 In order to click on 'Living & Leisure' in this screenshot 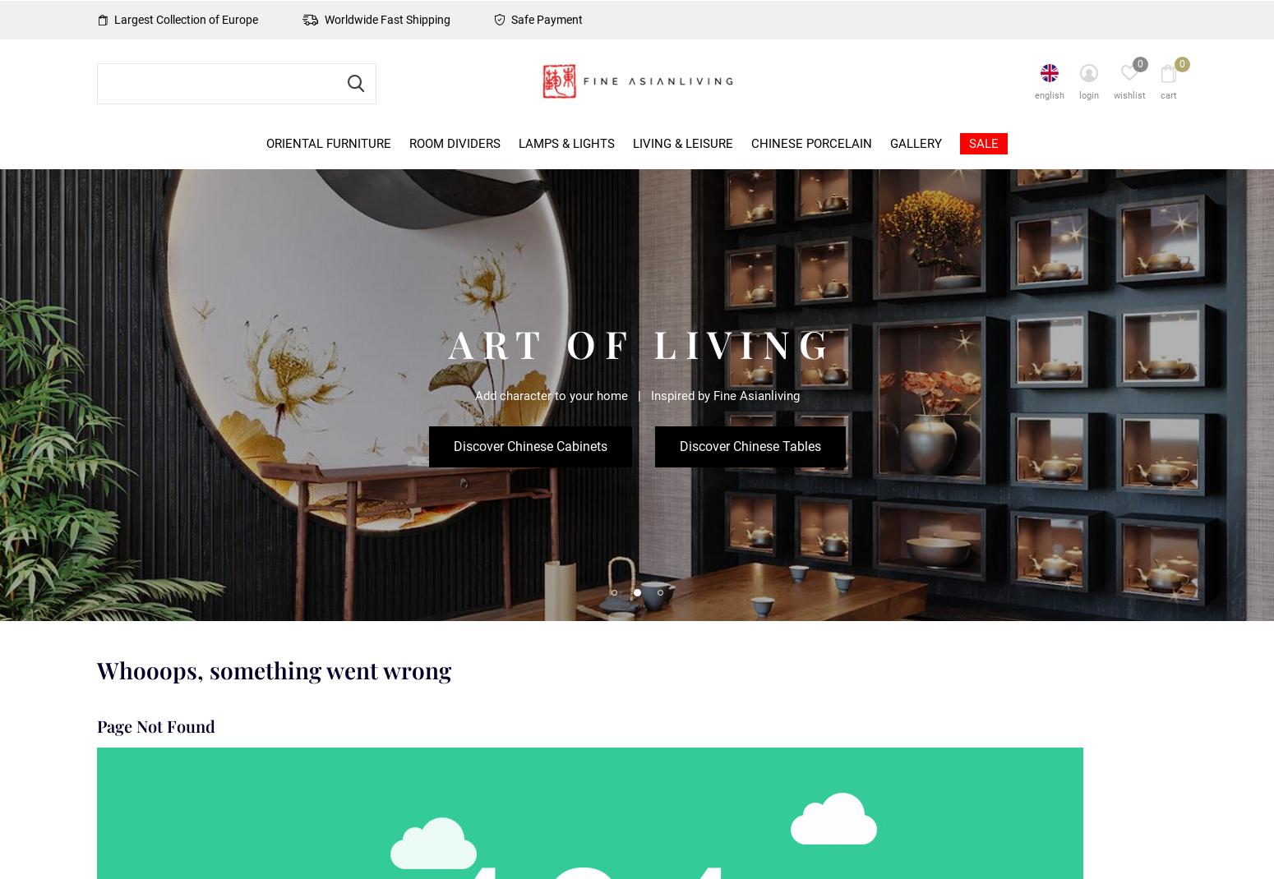, I will do `click(681, 142)`.